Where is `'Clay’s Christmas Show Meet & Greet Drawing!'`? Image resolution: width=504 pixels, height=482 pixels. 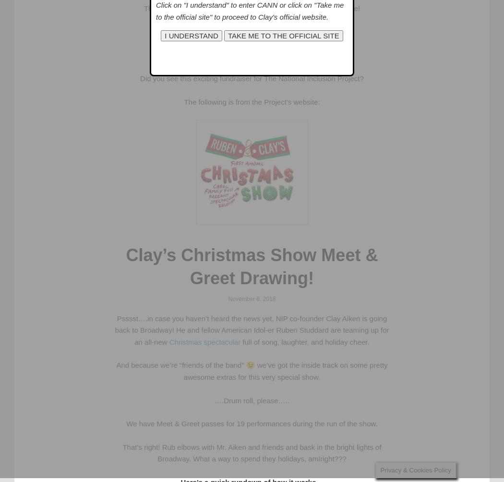
'Clay’s Christmas Show Meet & Greet Drawing!' is located at coordinates (251, 266).